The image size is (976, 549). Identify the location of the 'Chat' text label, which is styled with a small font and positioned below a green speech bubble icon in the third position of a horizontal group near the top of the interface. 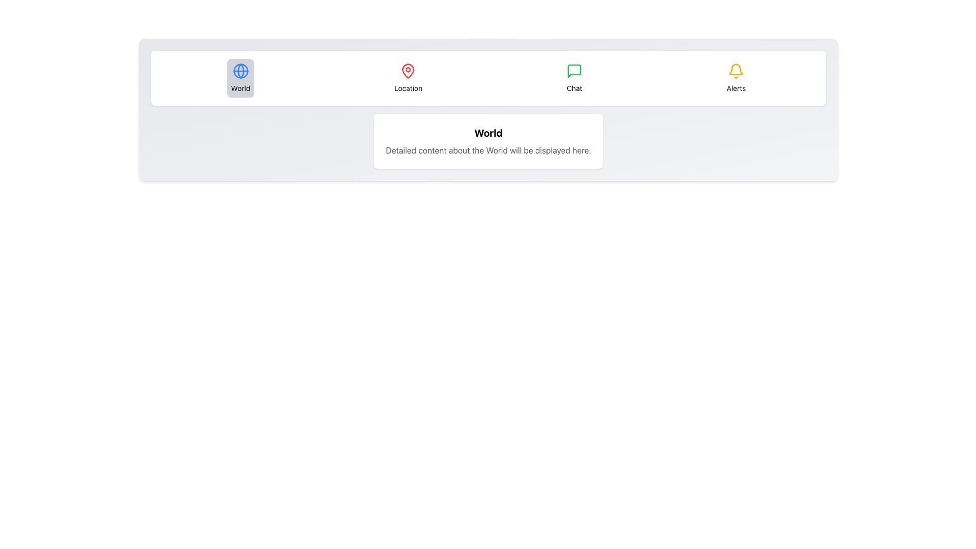
(574, 87).